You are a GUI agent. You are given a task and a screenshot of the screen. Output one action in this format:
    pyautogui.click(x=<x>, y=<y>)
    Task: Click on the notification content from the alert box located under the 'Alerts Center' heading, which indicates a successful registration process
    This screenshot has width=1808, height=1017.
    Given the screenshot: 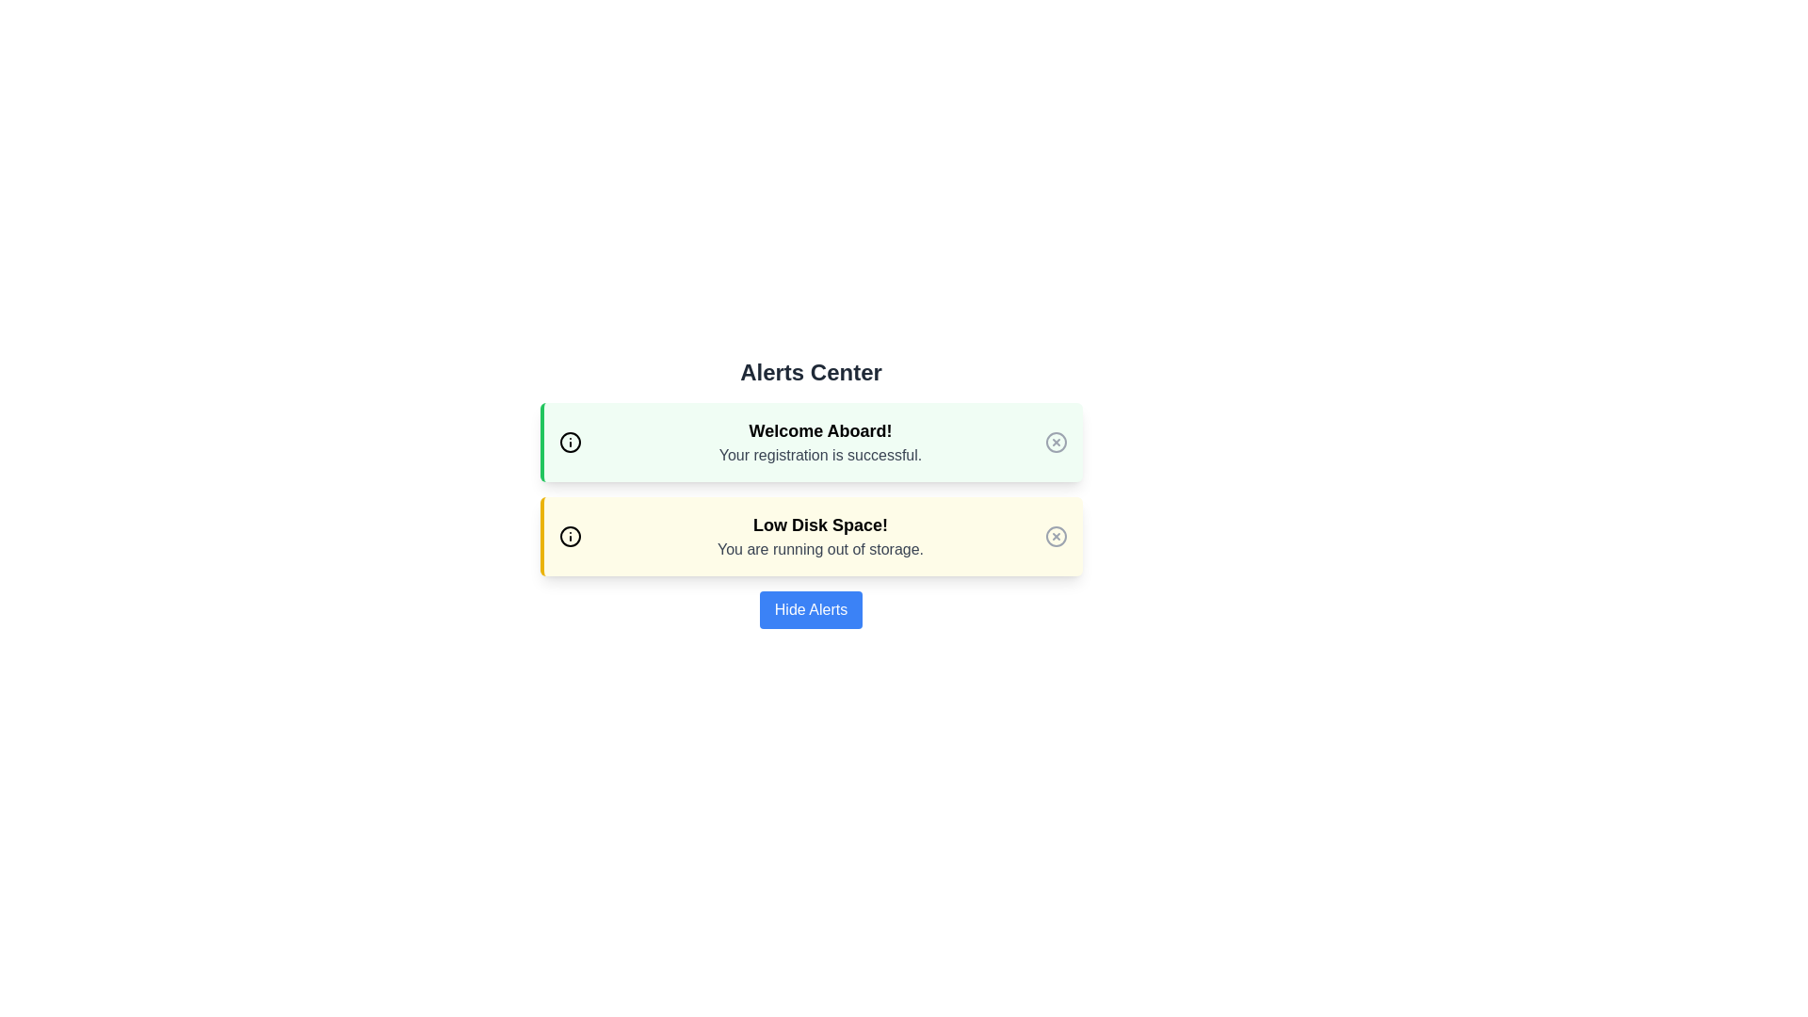 What is the action you would take?
    pyautogui.click(x=811, y=443)
    